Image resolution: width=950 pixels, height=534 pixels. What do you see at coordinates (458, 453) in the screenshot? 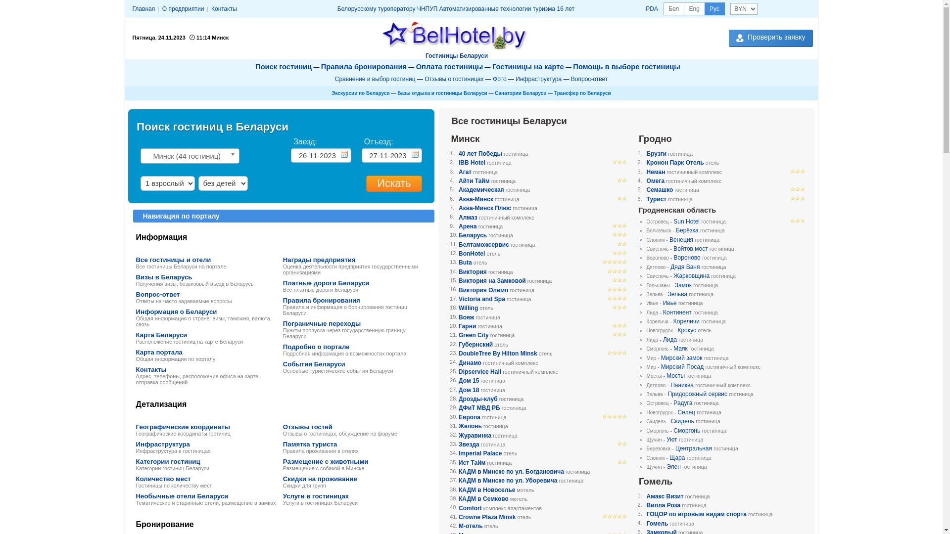
I see `'Imperial Palace'` at bounding box center [458, 453].